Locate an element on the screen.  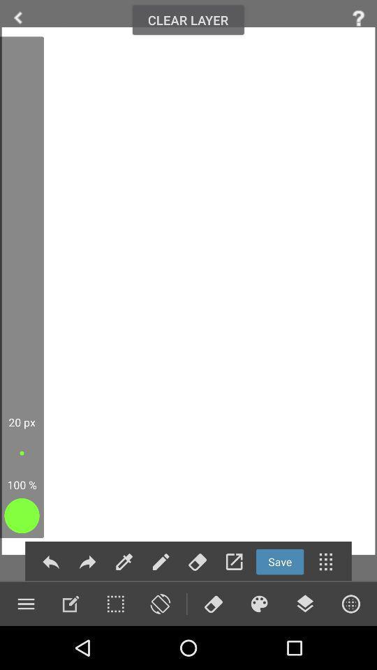
get help is located at coordinates (358, 17).